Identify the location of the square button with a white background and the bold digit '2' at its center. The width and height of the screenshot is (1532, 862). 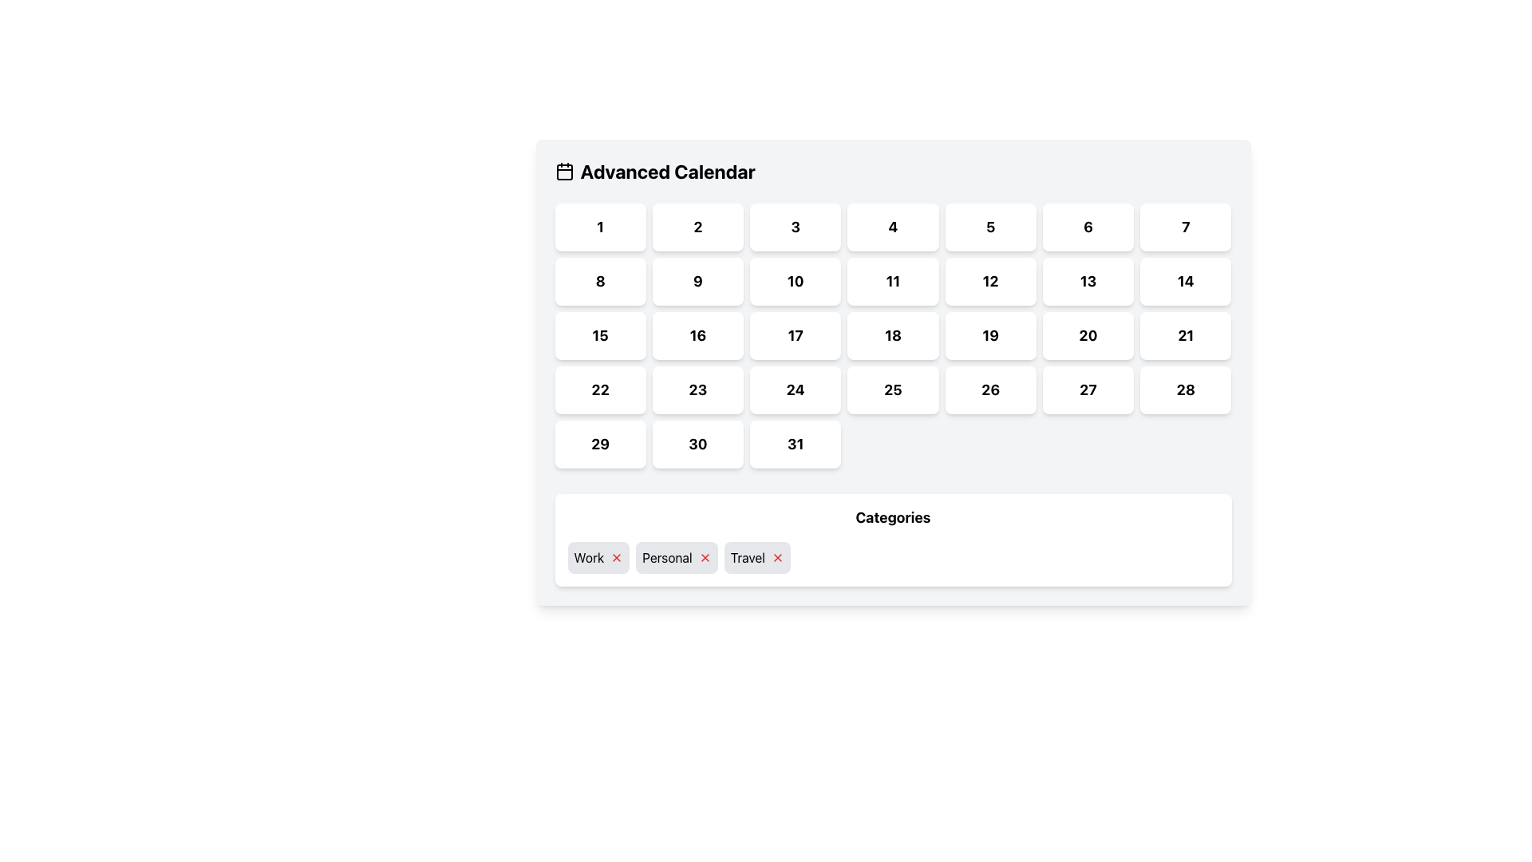
(697, 227).